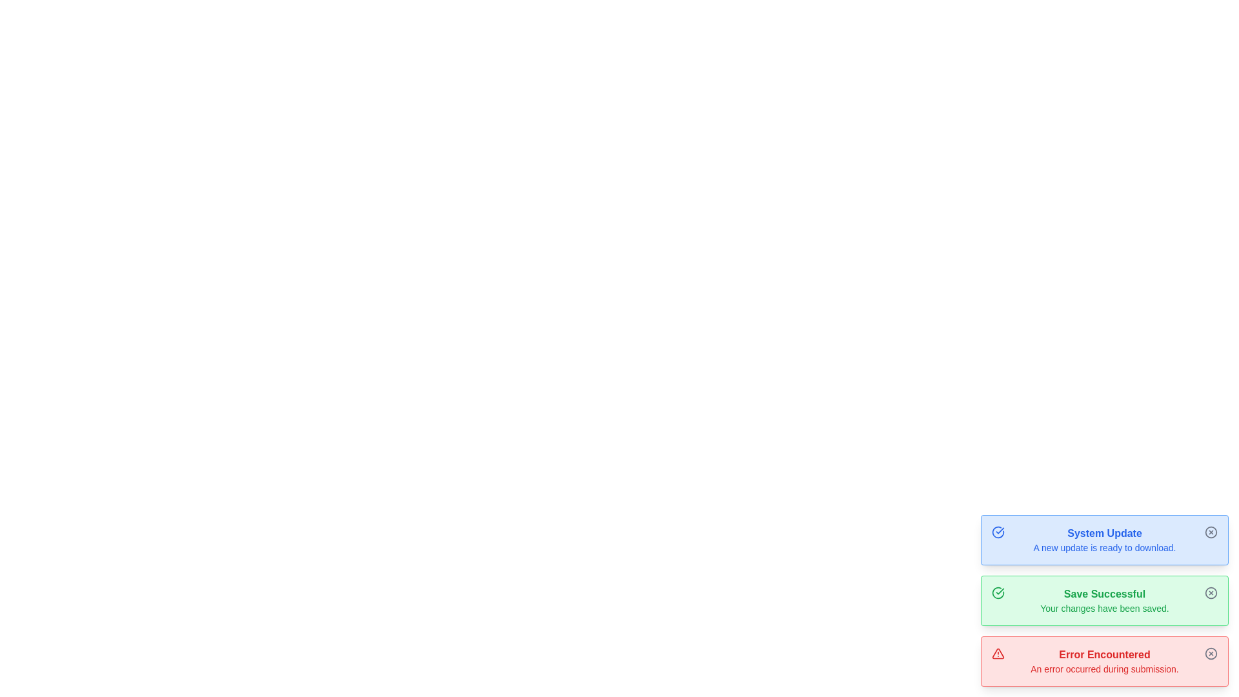  I want to click on notification message displayed in the main textual content of the first blue notification card located at the bottom-right corner of the interface, so click(1104, 540).